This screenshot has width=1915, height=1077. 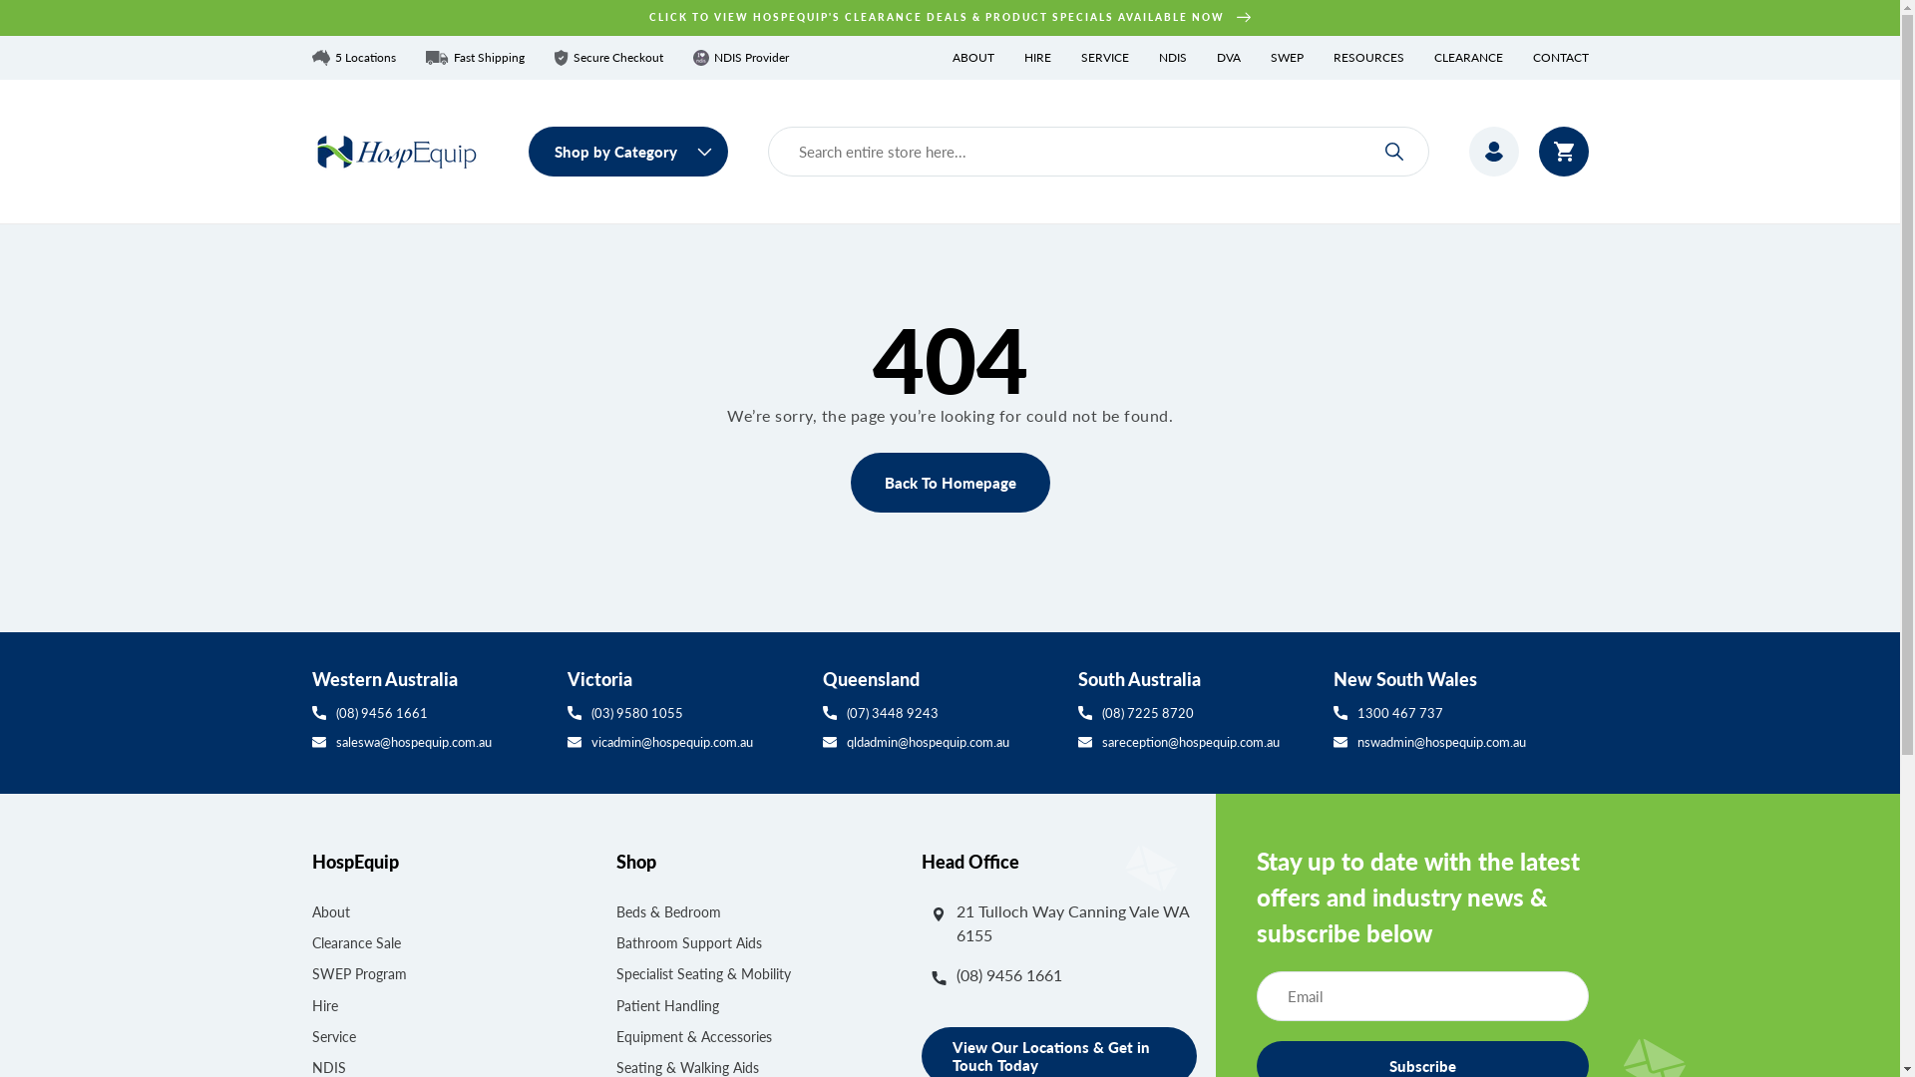 What do you see at coordinates (1228, 56) in the screenshot?
I see `'DVA'` at bounding box center [1228, 56].